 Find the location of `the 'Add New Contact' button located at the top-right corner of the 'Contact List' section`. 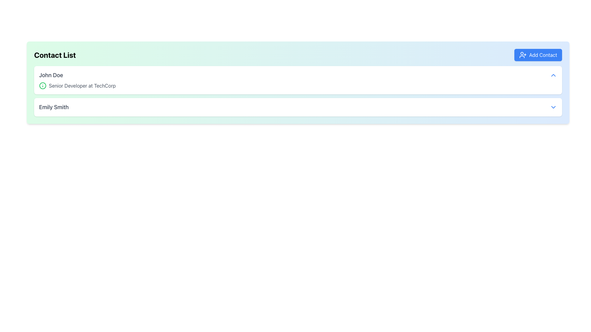

the 'Add New Contact' button located at the top-right corner of the 'Contact List' section is located at coordinates (538, 54).